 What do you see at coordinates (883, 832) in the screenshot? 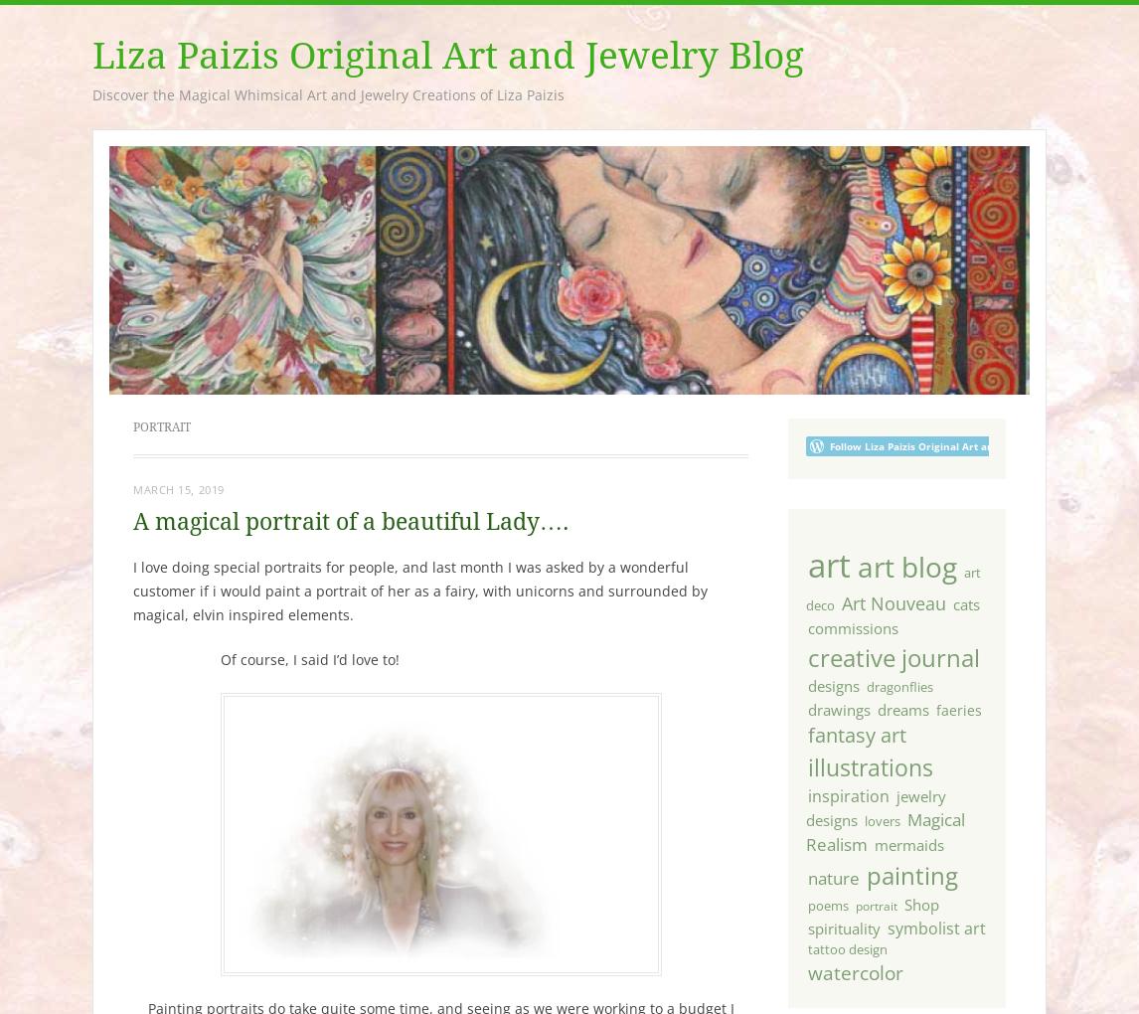
I see `'Magical Realism'` at bounding box center [883, 832].